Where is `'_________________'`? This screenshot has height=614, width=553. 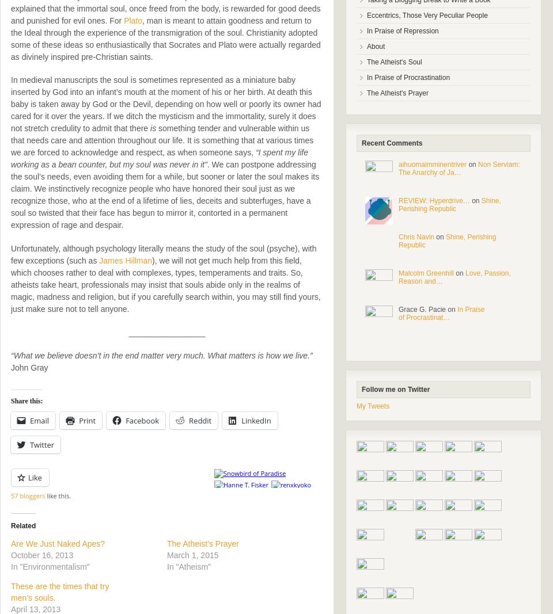 '_________________' is located at coordinates (166, 332).